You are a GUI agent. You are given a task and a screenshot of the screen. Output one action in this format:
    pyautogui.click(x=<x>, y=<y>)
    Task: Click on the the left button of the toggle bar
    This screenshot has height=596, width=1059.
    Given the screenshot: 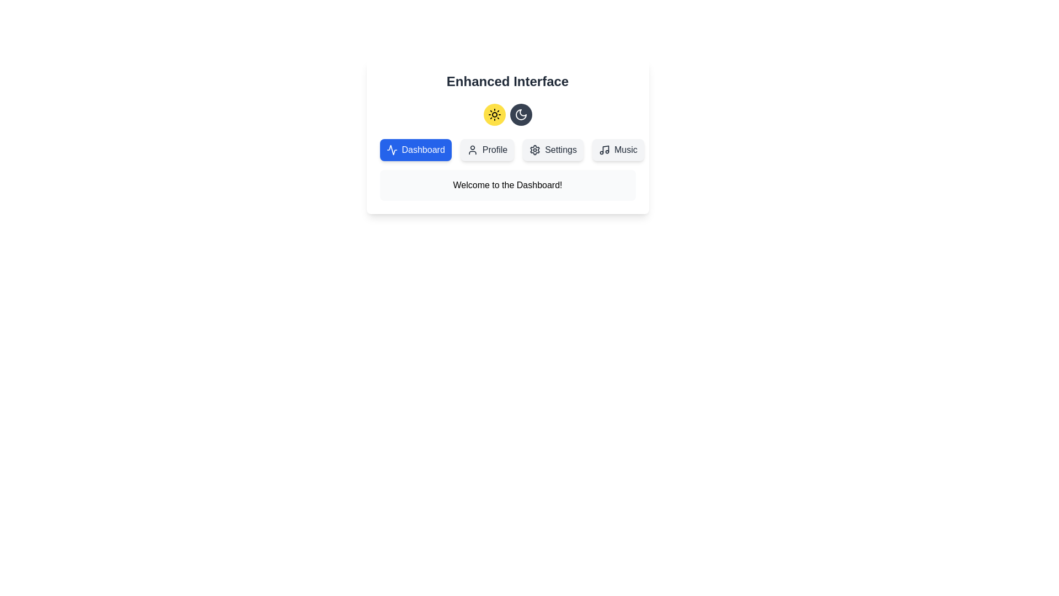 What is the action you would take?
    pyautogui.click(x=507, y=115)
    